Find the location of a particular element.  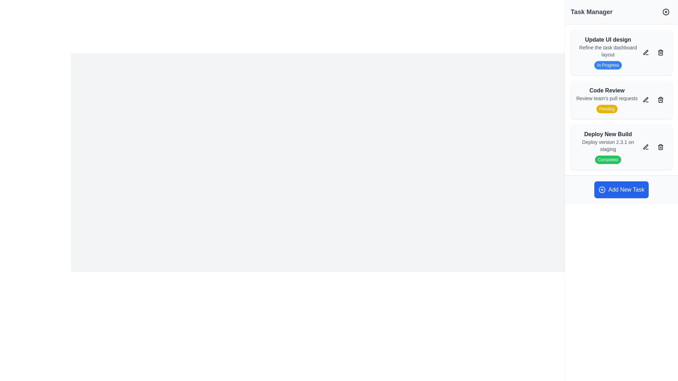

the circular icon button with a cross inside it, located in the top-right corner of the user interface is located at coordinates (666, 12).